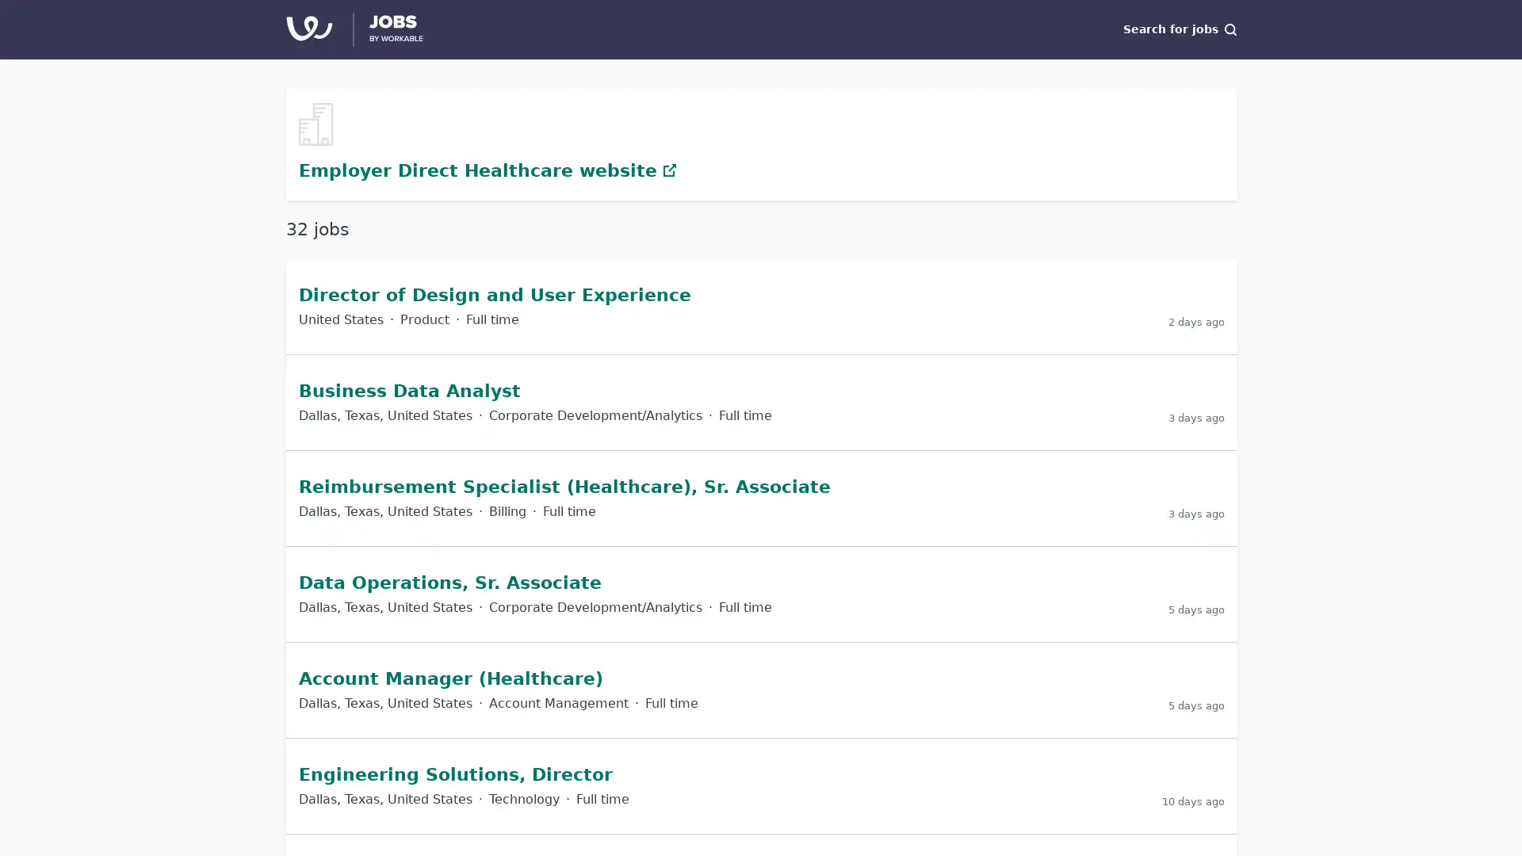 The width and height of the screenshot is (1522, 856). Describe the element at coordinates (1180, 29) in the screenshot. I see `Search for jobs` at that location.